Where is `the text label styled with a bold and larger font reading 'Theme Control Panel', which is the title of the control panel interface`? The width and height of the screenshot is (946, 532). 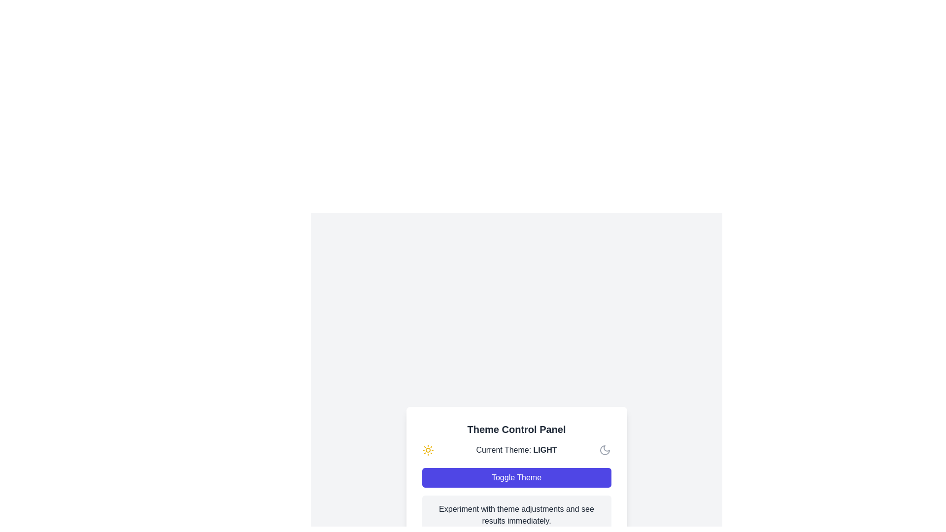
the text label styled with a bold and larger font reading 'Theme Control Panel', which is the title of the control panel interface is located at coordinates (516, 429).